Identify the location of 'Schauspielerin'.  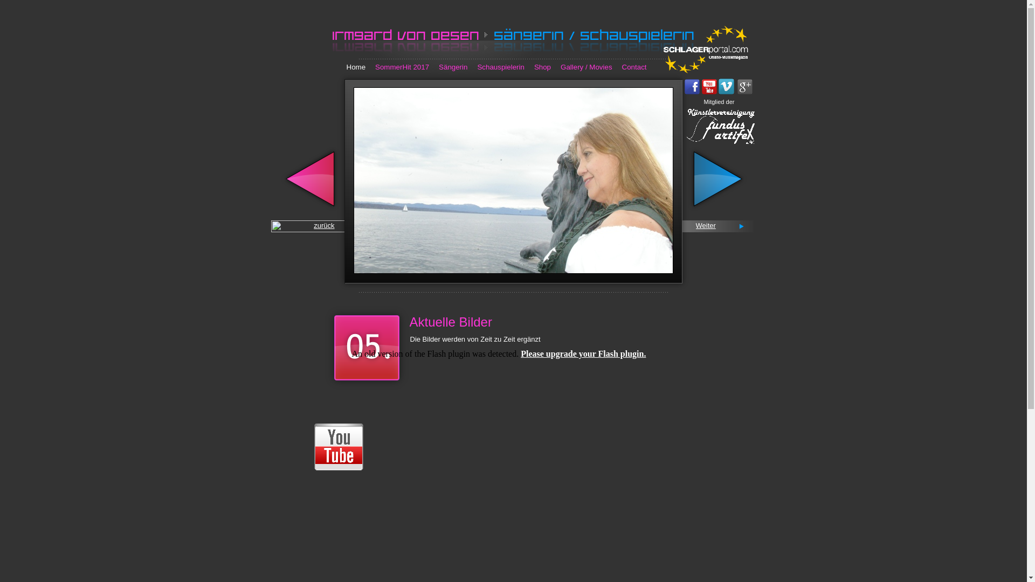
(474, 67).